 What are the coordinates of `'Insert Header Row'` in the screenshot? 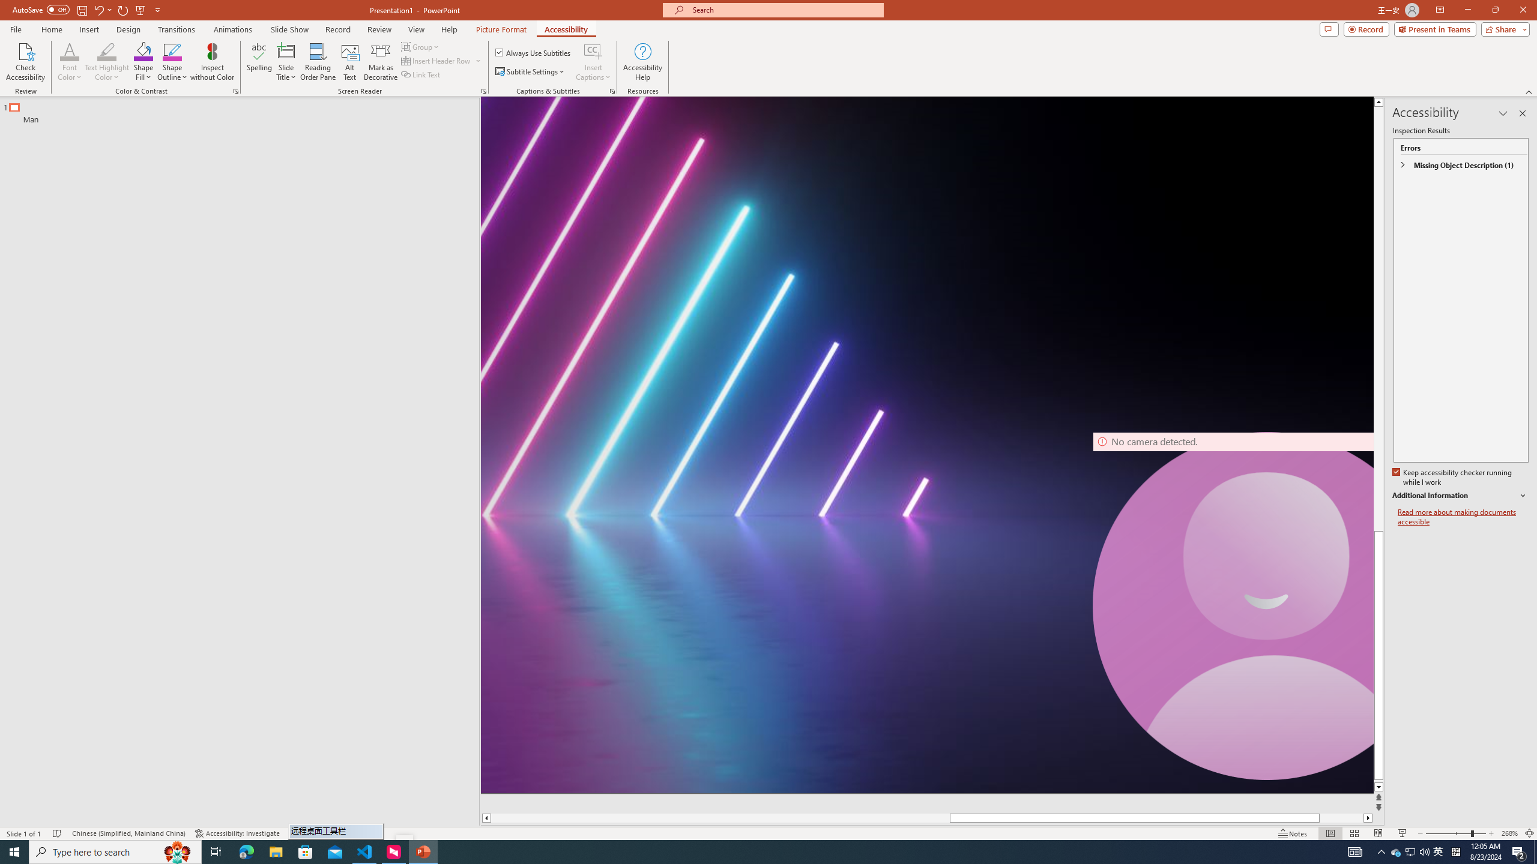 It's located at (436, 59).